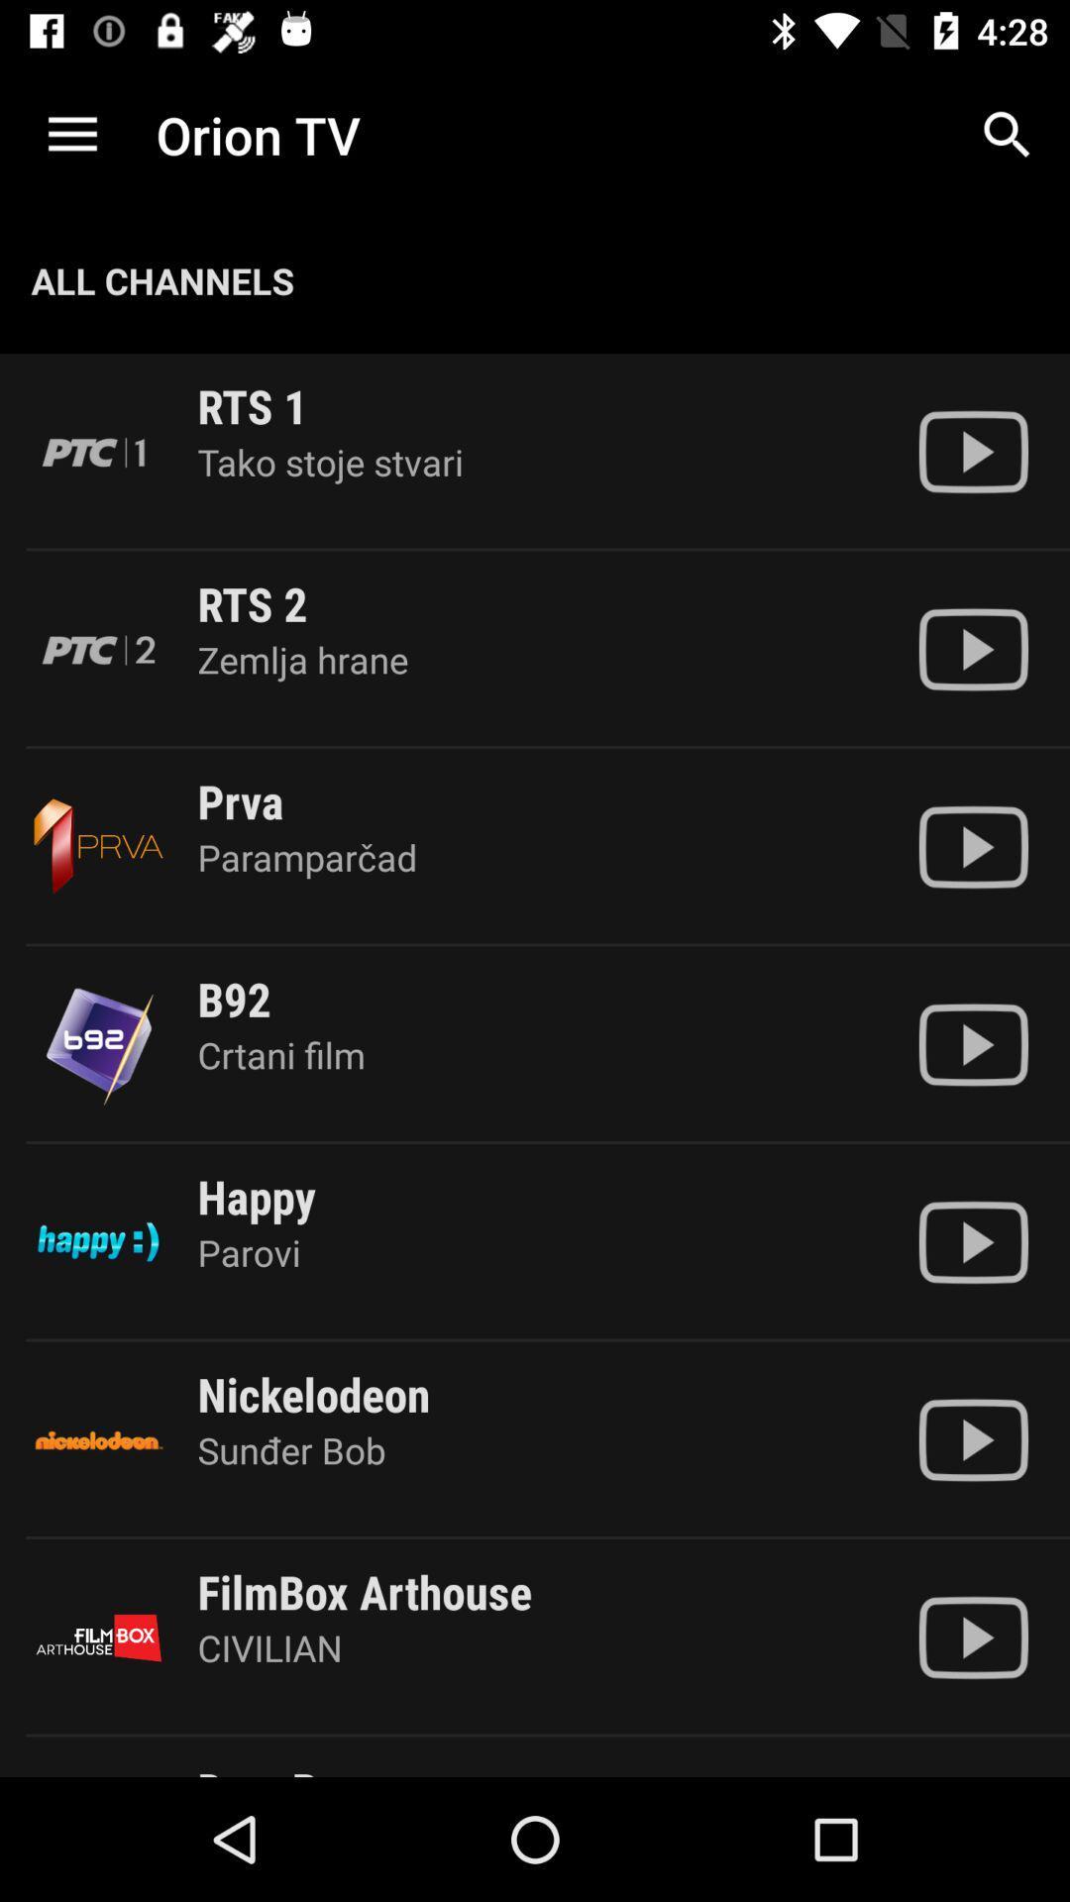 Image resolution: width=1070 pixels, height=1902 pixels. I want to click on video, so click(972, 1043).